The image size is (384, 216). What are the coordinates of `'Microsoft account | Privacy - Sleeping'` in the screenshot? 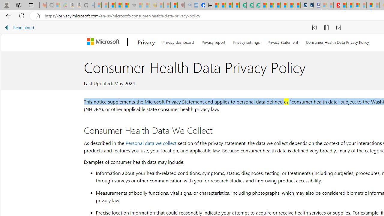 It's located at (323, 5).